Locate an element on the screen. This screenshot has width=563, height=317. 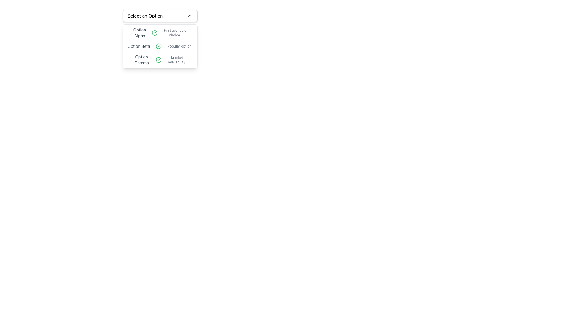
the middle option 'Option Beta' in the dropdown menu is located at coordinates (160, 46).